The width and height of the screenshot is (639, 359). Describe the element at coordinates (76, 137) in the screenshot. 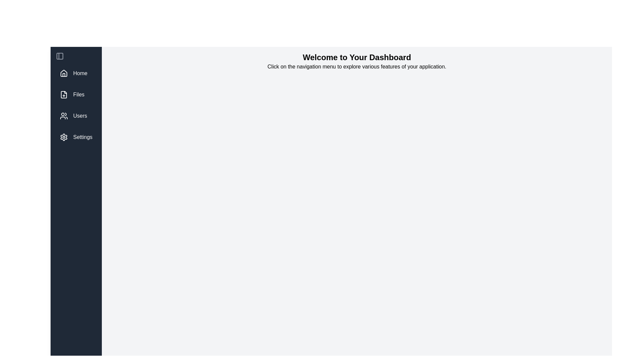

I see `the 'Settings' navigation menu item located at the bottom of the vertical menu, featuring a gear icon and white text on a dark gray background` at that location.